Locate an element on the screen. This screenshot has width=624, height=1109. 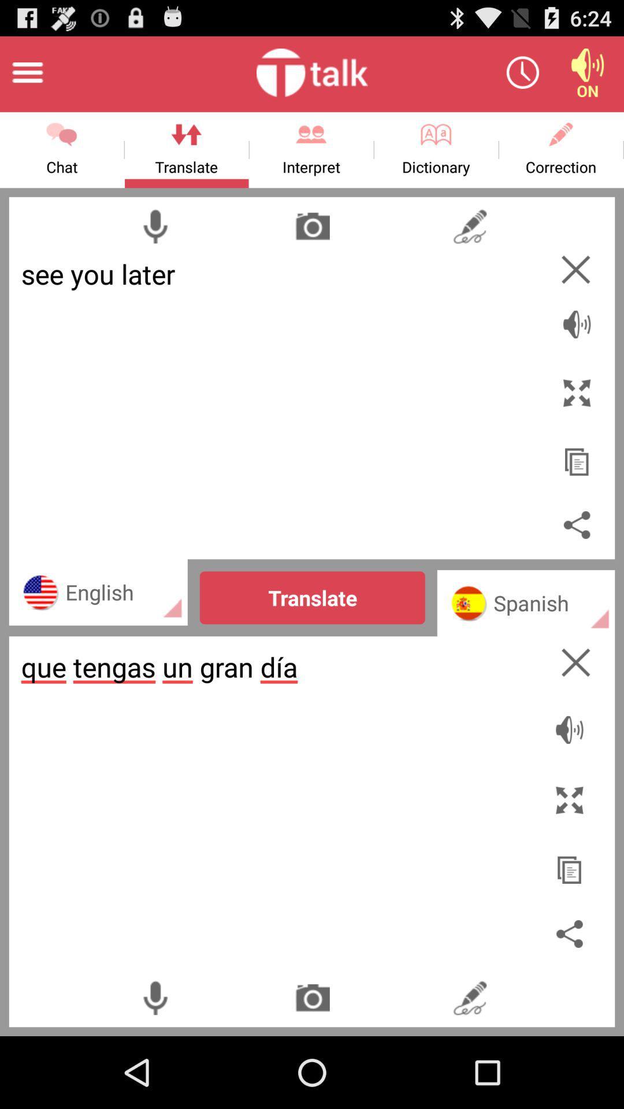
the fullscreen icon is located at coordinates (577, 414).